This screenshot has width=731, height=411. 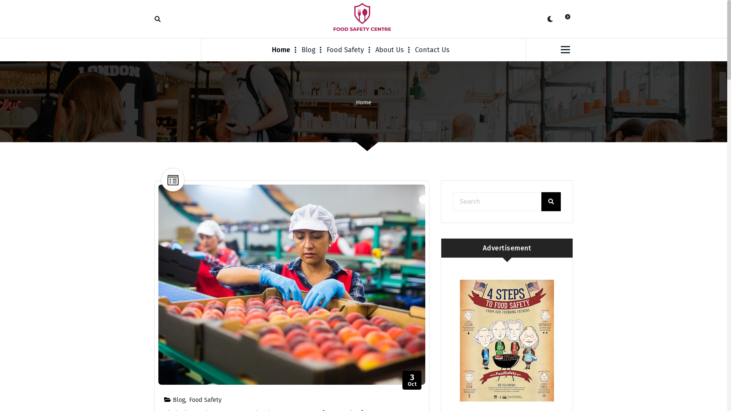 I want to click on 'Food Safety', so click(x=205, y=399).